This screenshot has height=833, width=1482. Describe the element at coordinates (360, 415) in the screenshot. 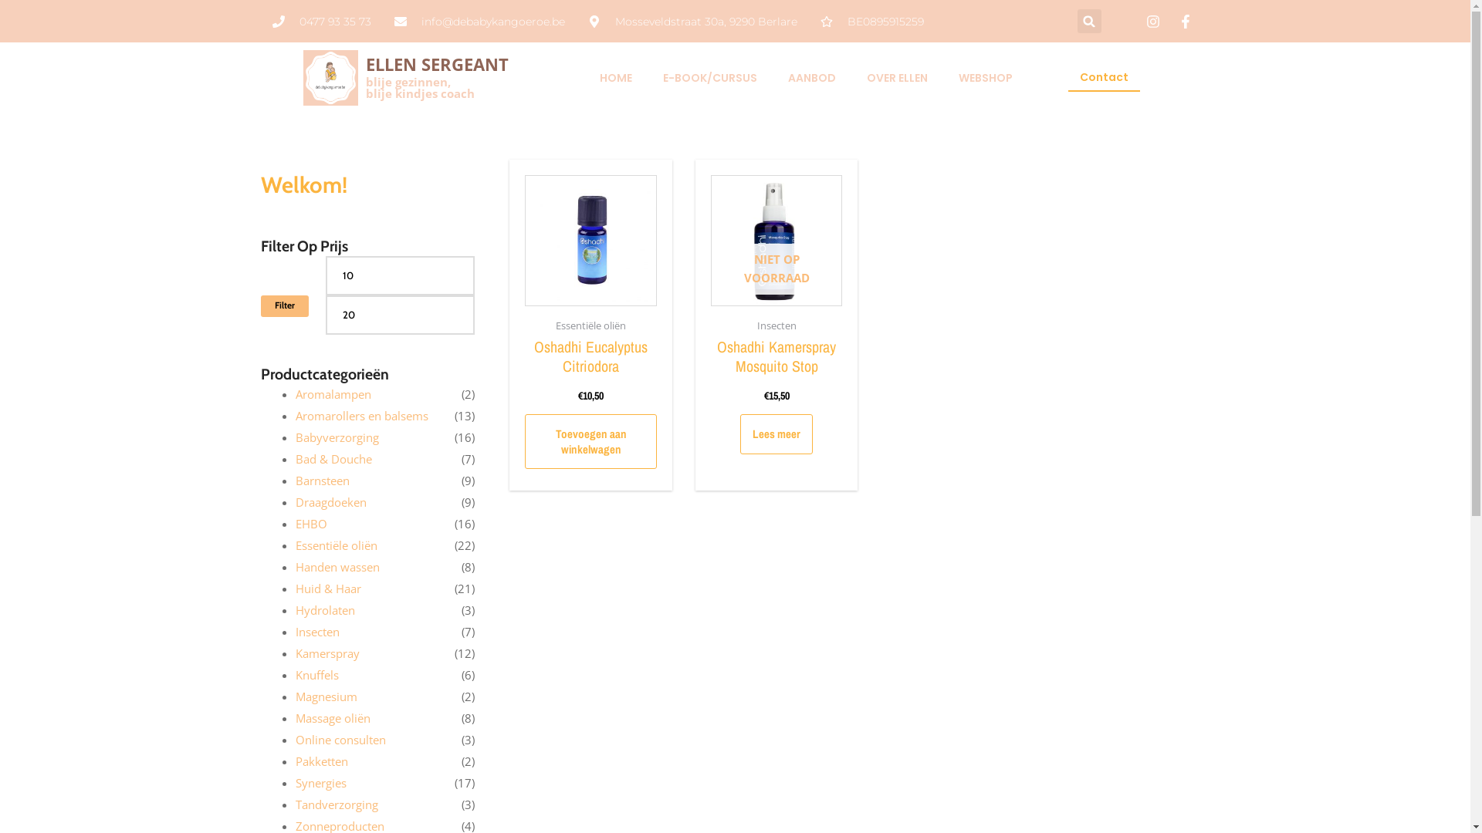

I see `'Aromarollers en balsems'` at that location.